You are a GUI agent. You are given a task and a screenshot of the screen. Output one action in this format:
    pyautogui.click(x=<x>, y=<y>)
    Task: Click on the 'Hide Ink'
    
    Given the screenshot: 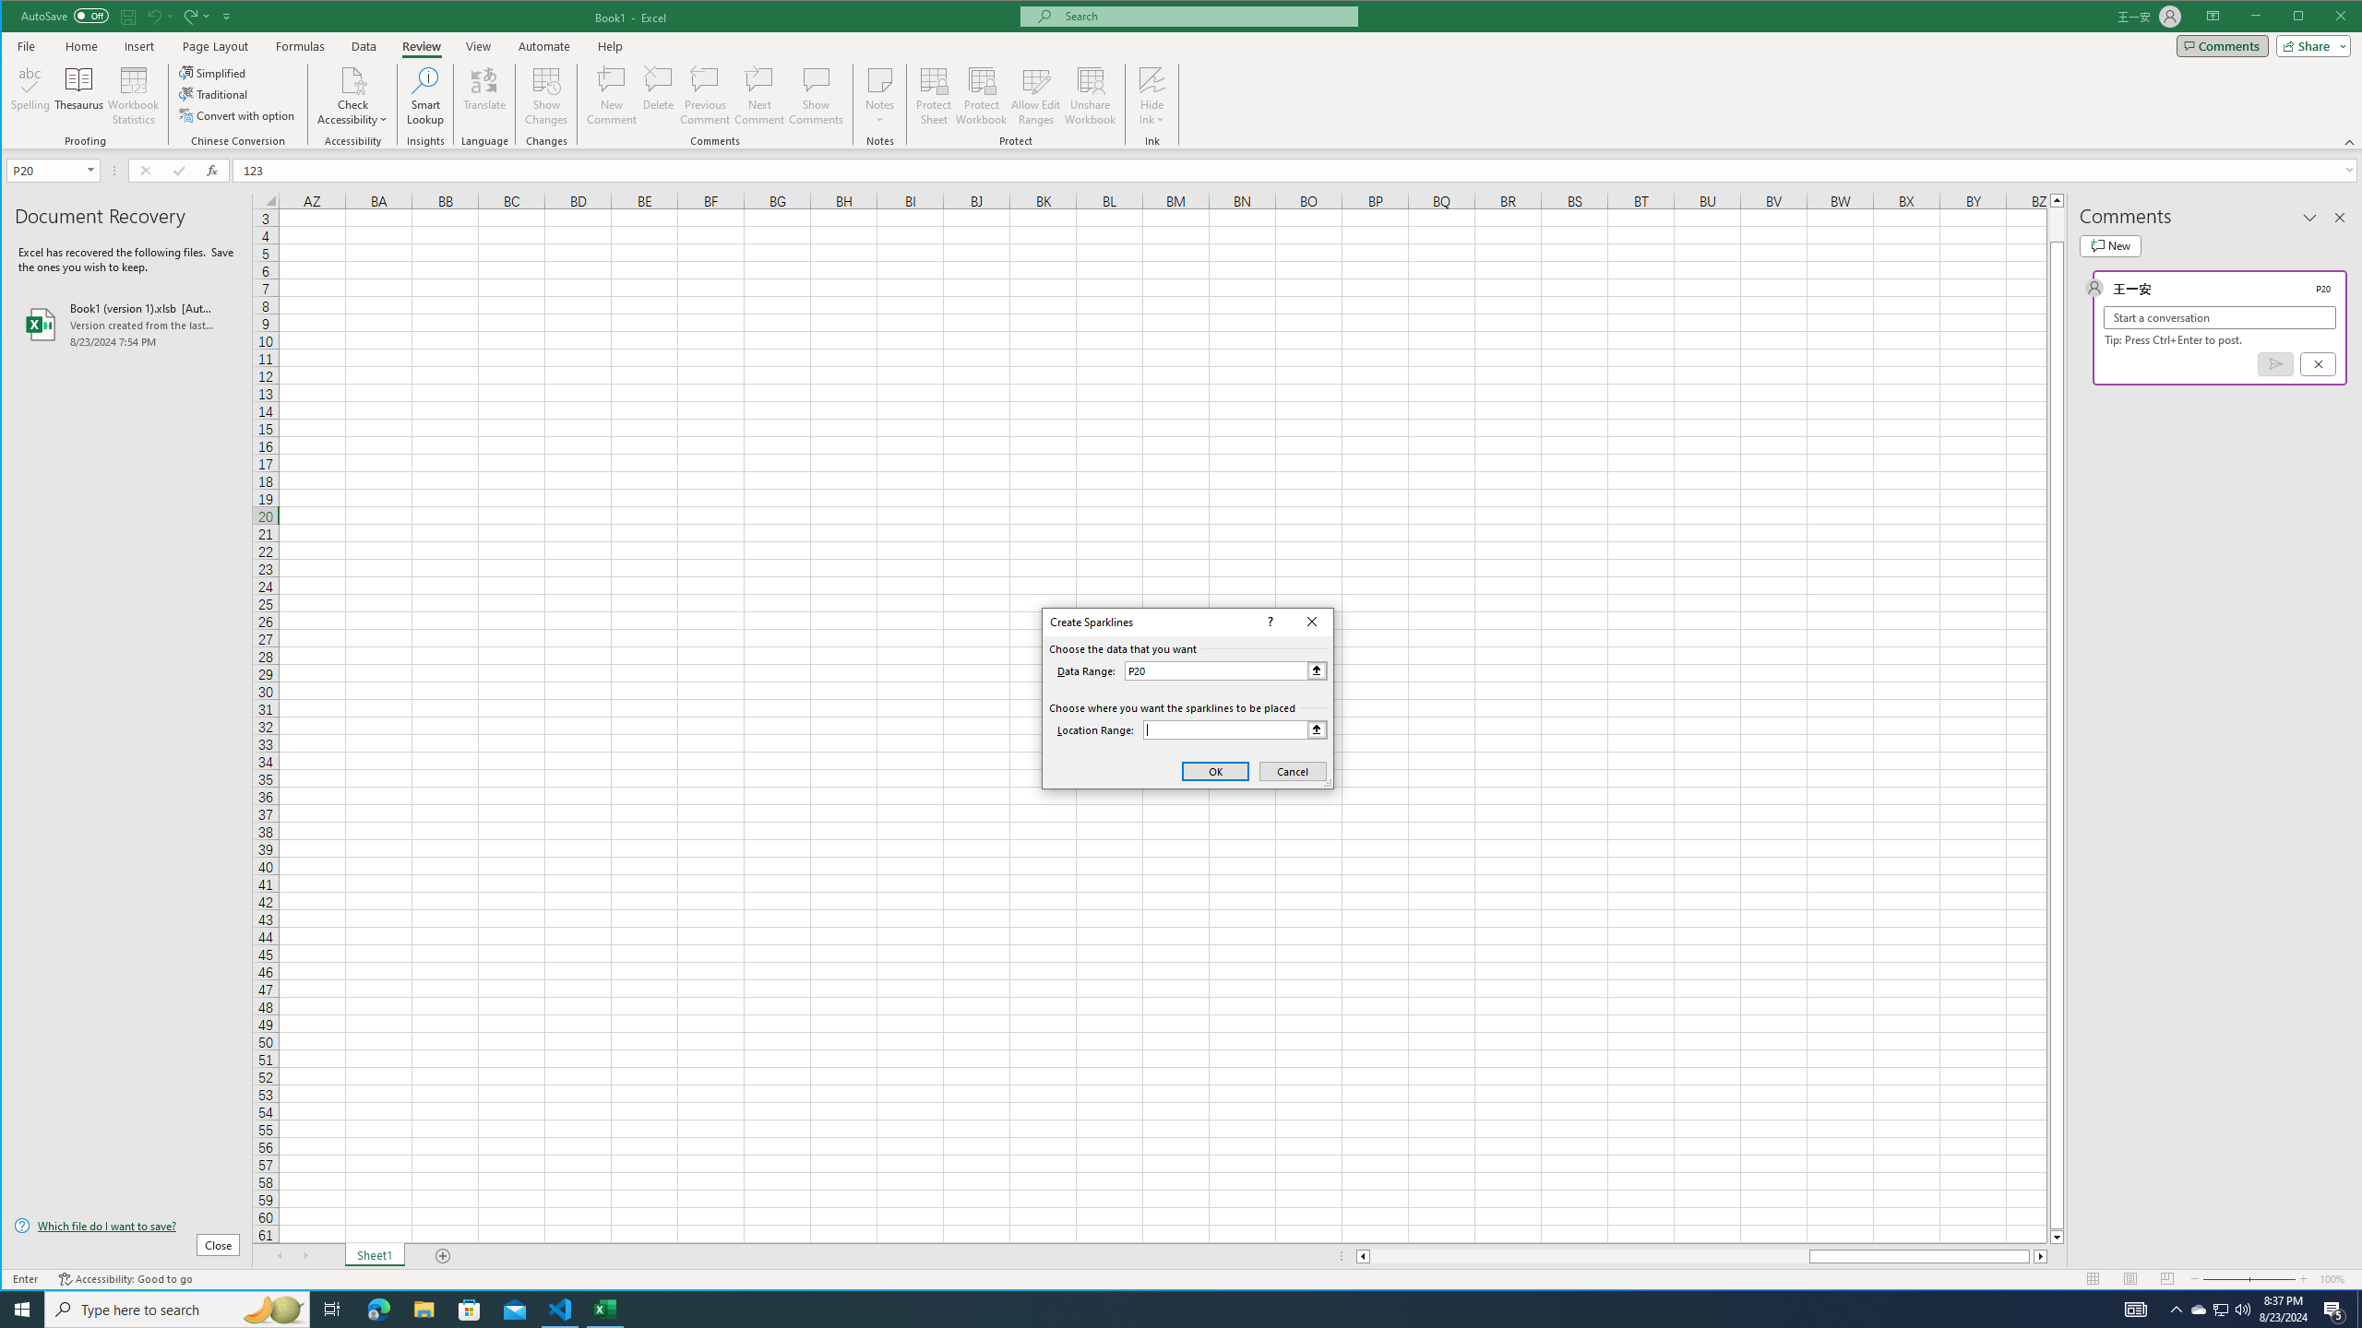 What is the action you would take?
    pyautogui.click(x=1151, y=95)
    